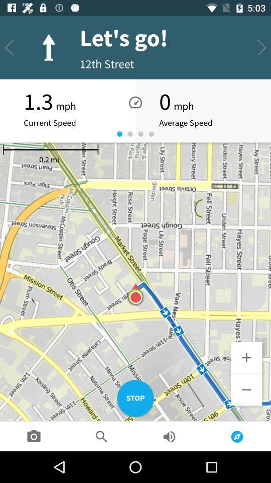 This screenshot has height=483, width=271. Describe the element at coordinates (261, 48) in the screenshot. I see `the right scroll button` at that location.